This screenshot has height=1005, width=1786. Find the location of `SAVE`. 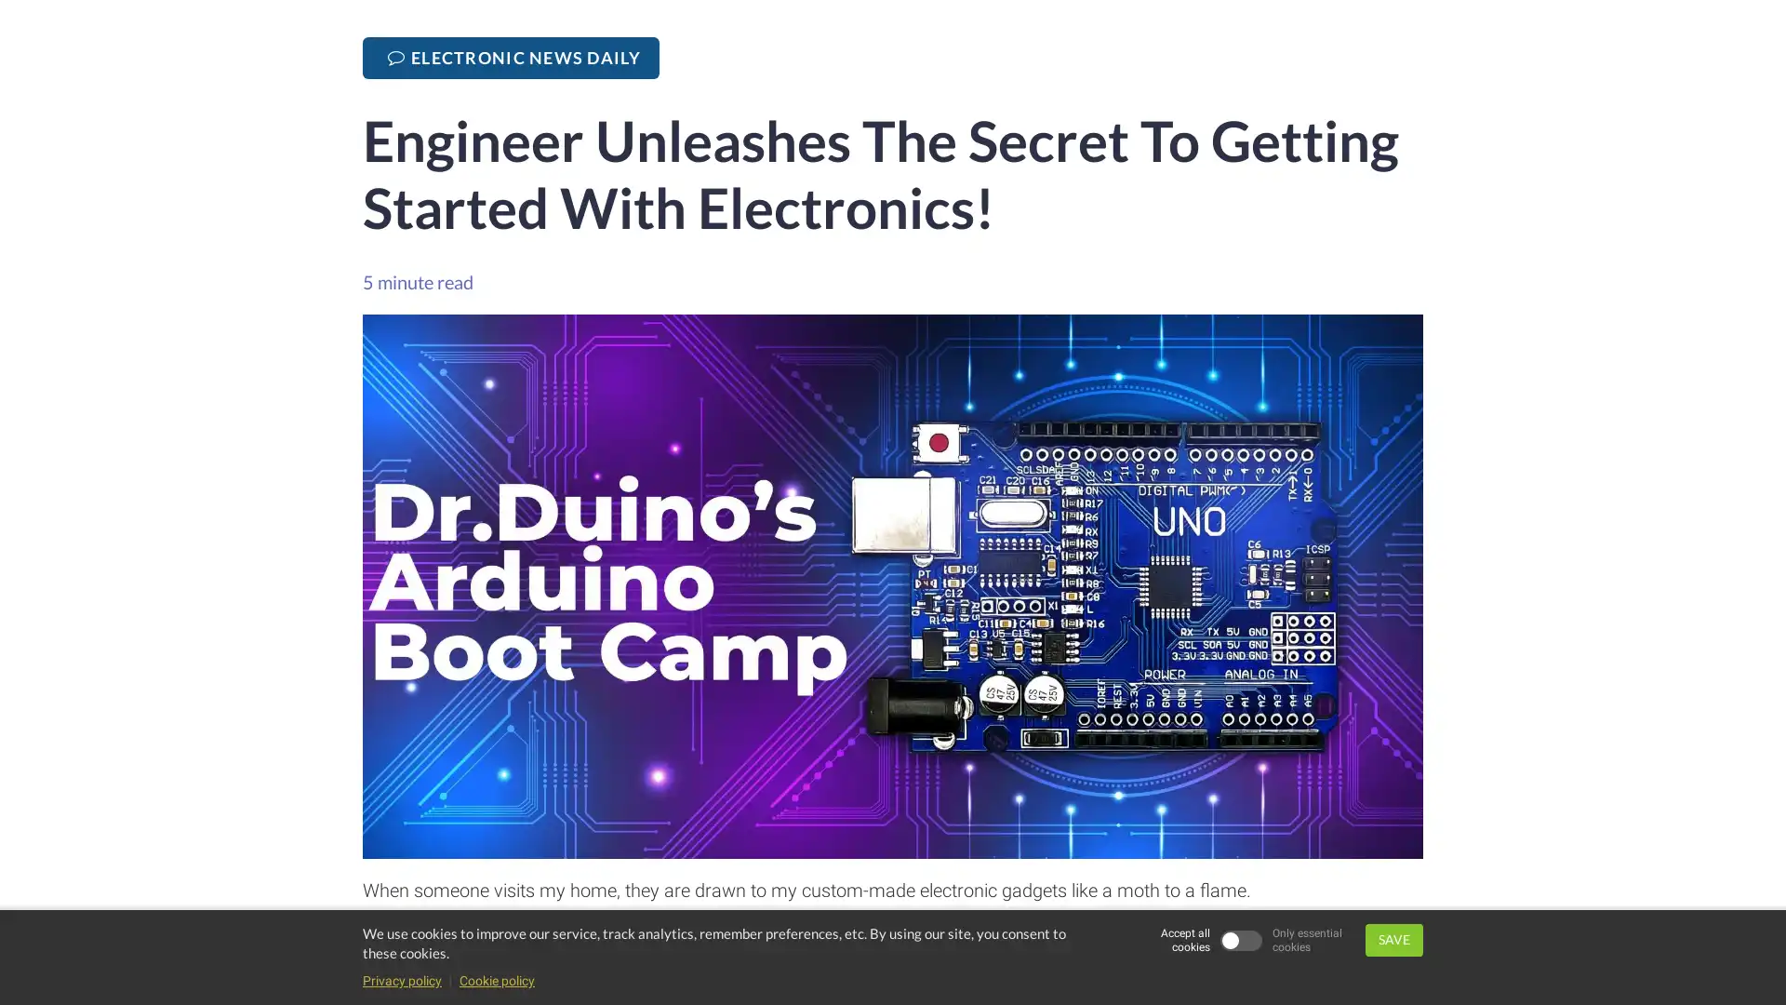

SAVE is located at coordinates (1393, 940).